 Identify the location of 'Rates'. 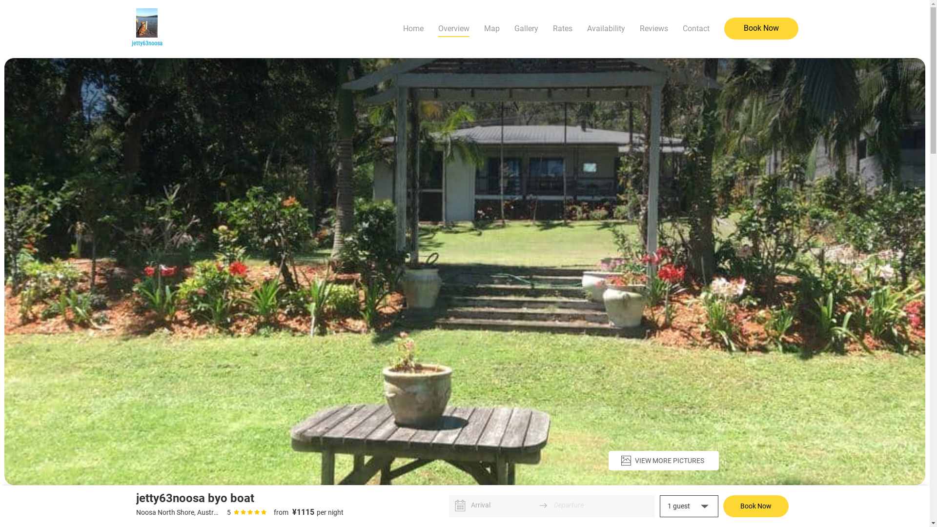
(562, 28).